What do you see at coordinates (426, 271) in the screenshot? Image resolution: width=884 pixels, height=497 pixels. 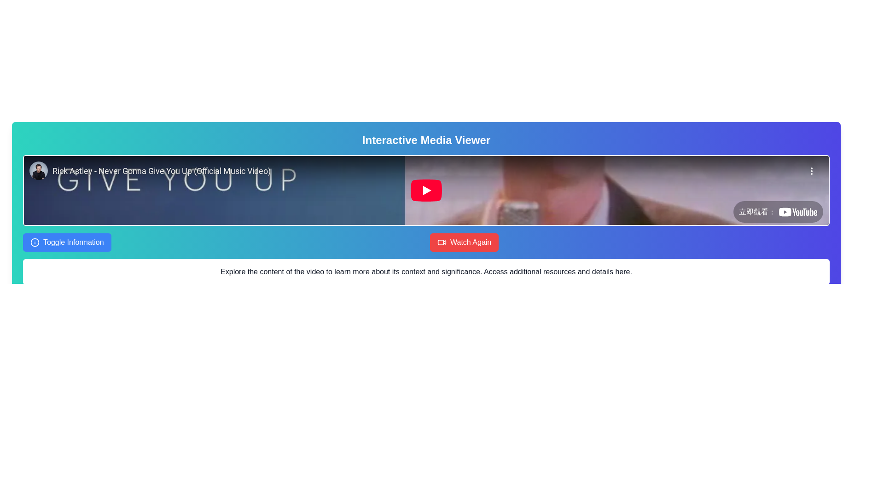 I see `the informational text block located near the bottom of the interface, below the video and adjacent to text options` at bounding box center [426, 271].